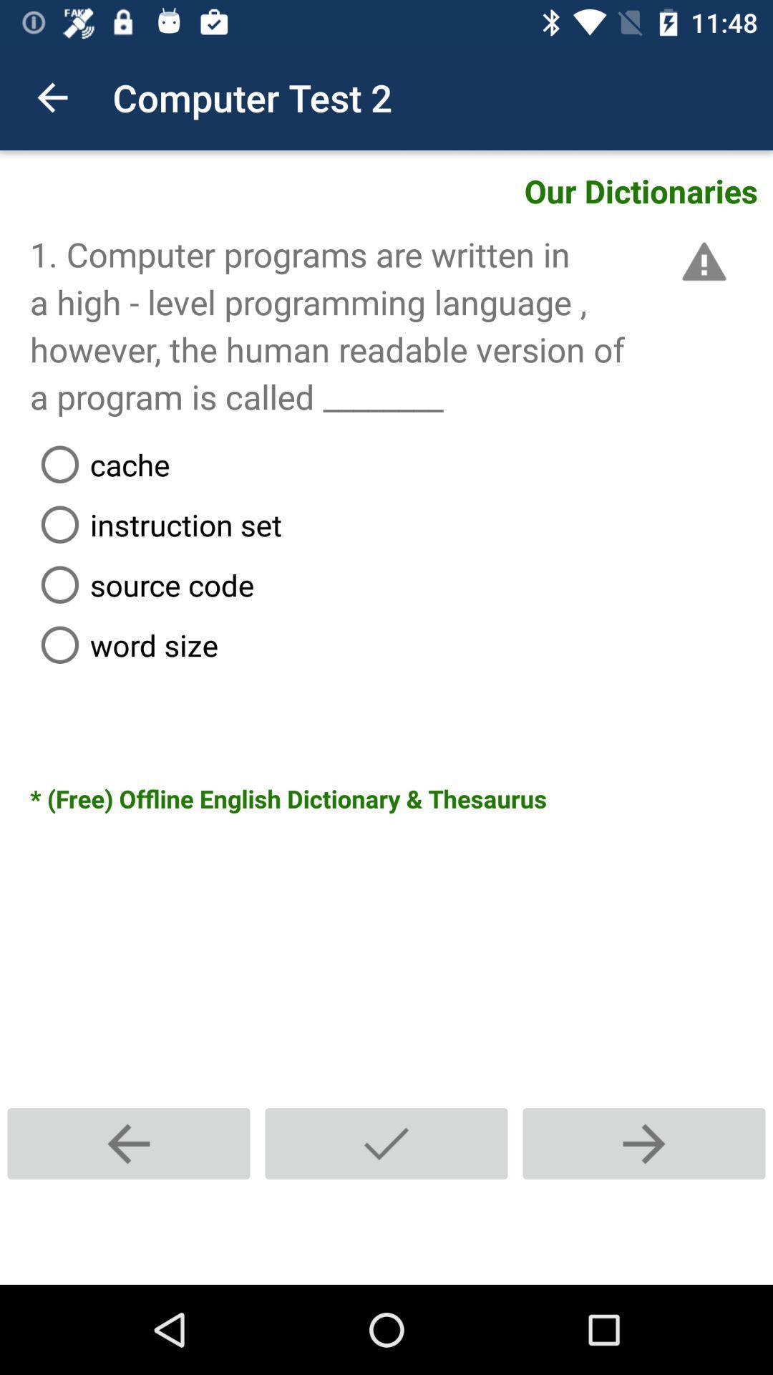 Image resolution: width=773 pixels, height=1375 pixels. Describe the element at coordinates (701, 261) in the screenshot. I see `item next to the 1 computer programs item` at that location.